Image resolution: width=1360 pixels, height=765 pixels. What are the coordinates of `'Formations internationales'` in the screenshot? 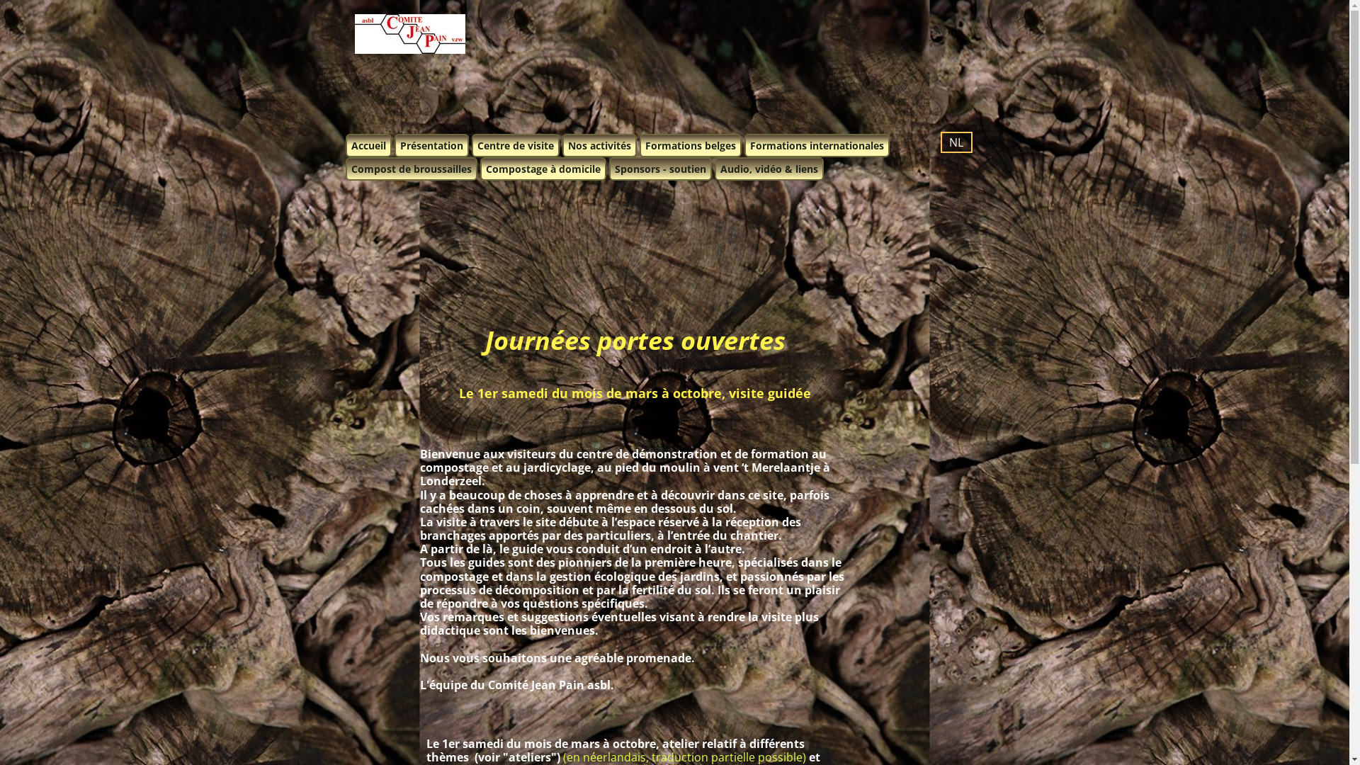 It's located at (816, 144).